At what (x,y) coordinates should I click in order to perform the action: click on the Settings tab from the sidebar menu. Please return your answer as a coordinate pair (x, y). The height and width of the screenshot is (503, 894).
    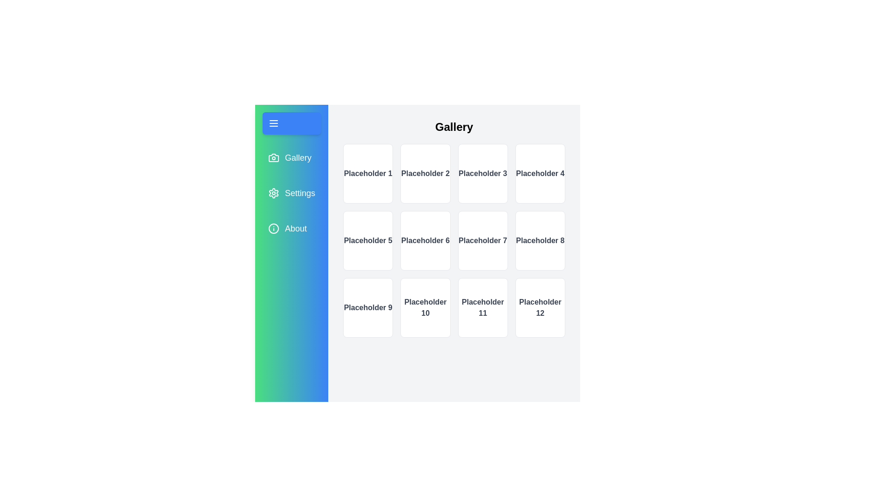
    Looking at the image, I should click on (291, 193).